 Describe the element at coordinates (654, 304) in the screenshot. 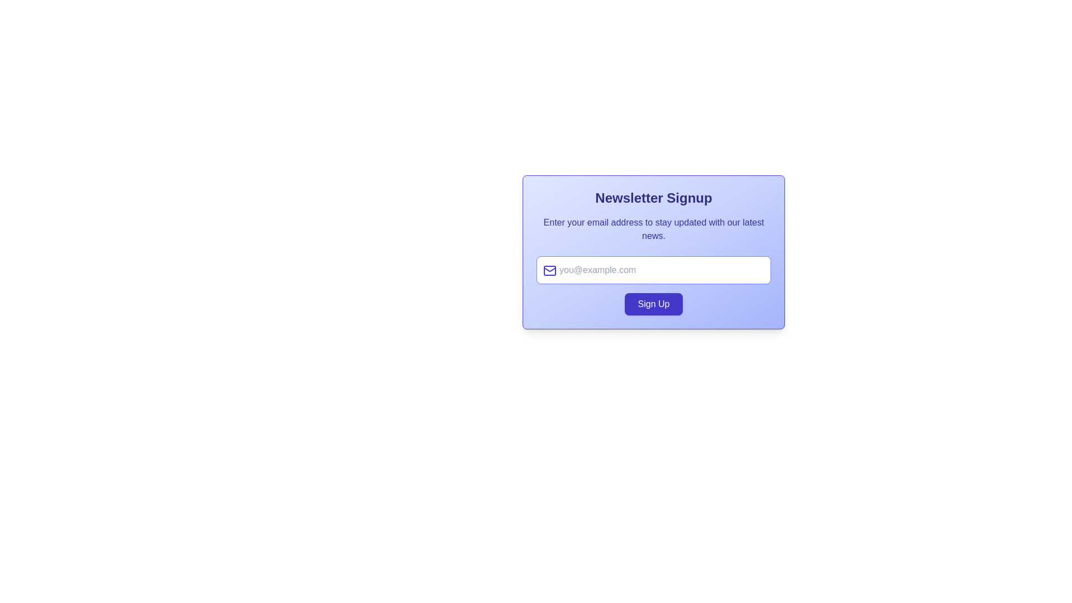

I see `the 'Sign Up' button, which is a deep indigo rectangular button with white text, positioned at the center of the signup form card` at that location.